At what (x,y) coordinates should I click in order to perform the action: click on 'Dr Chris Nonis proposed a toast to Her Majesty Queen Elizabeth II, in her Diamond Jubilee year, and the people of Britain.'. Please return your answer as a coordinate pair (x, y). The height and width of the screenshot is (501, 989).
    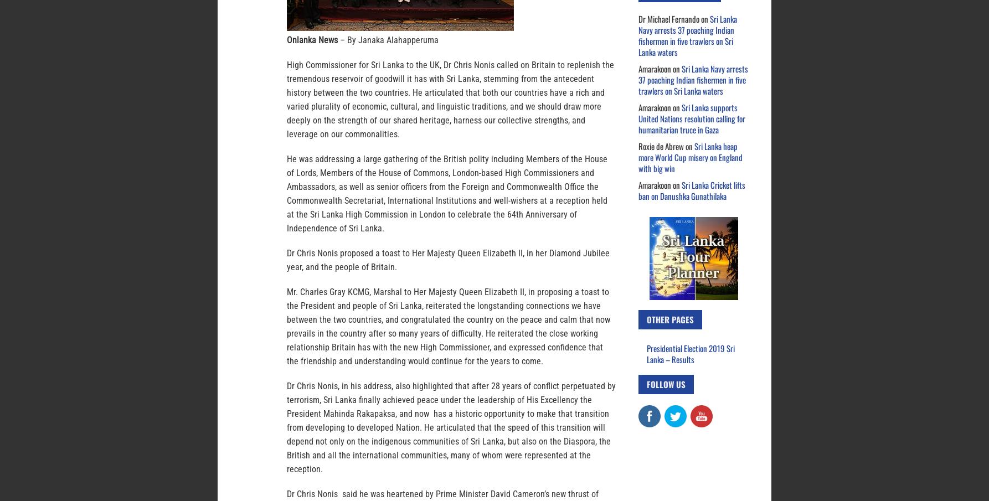
    Looking at the image, I should click on (447, 260).